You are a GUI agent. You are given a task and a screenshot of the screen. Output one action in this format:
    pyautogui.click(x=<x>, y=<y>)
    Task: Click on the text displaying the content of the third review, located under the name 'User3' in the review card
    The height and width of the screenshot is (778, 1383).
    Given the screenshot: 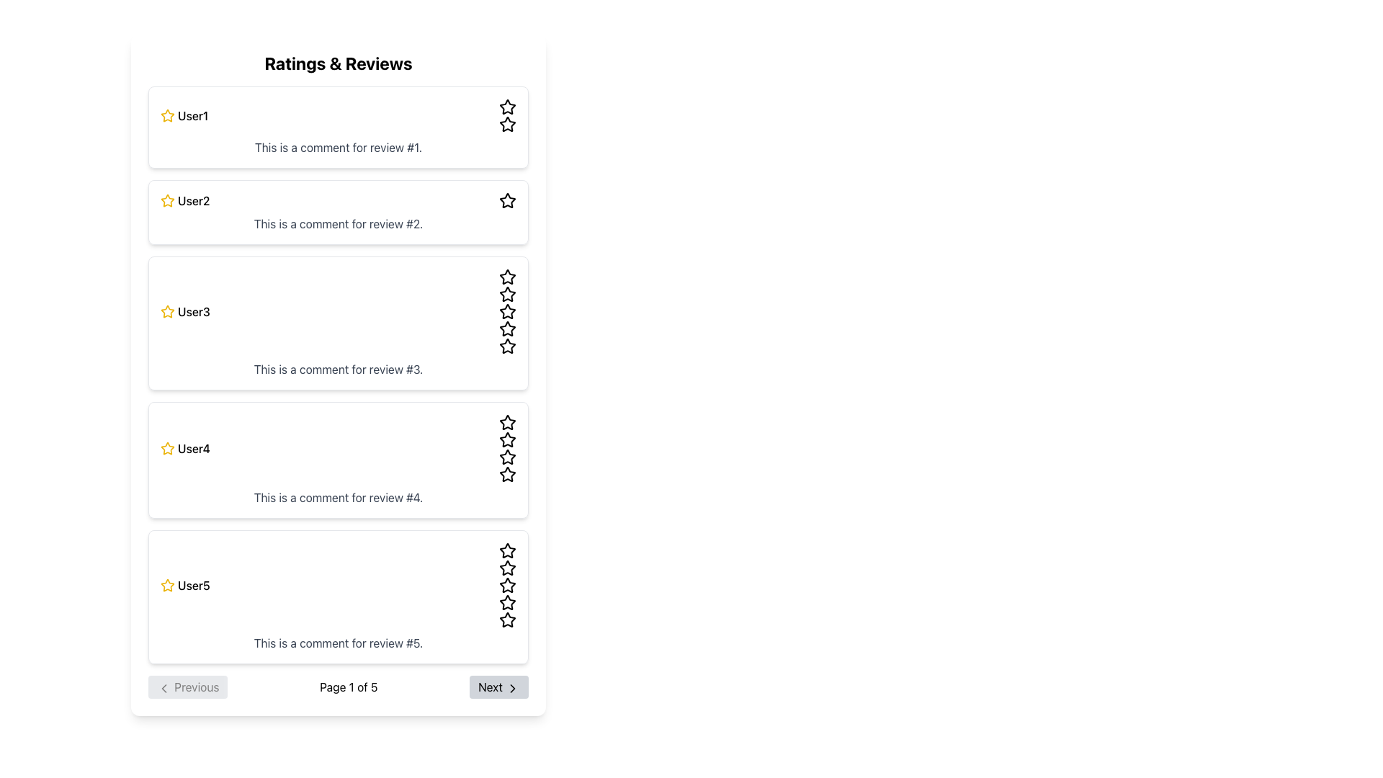 What is the action you would take?
    pyautogui.click(x=338, y=369)
    